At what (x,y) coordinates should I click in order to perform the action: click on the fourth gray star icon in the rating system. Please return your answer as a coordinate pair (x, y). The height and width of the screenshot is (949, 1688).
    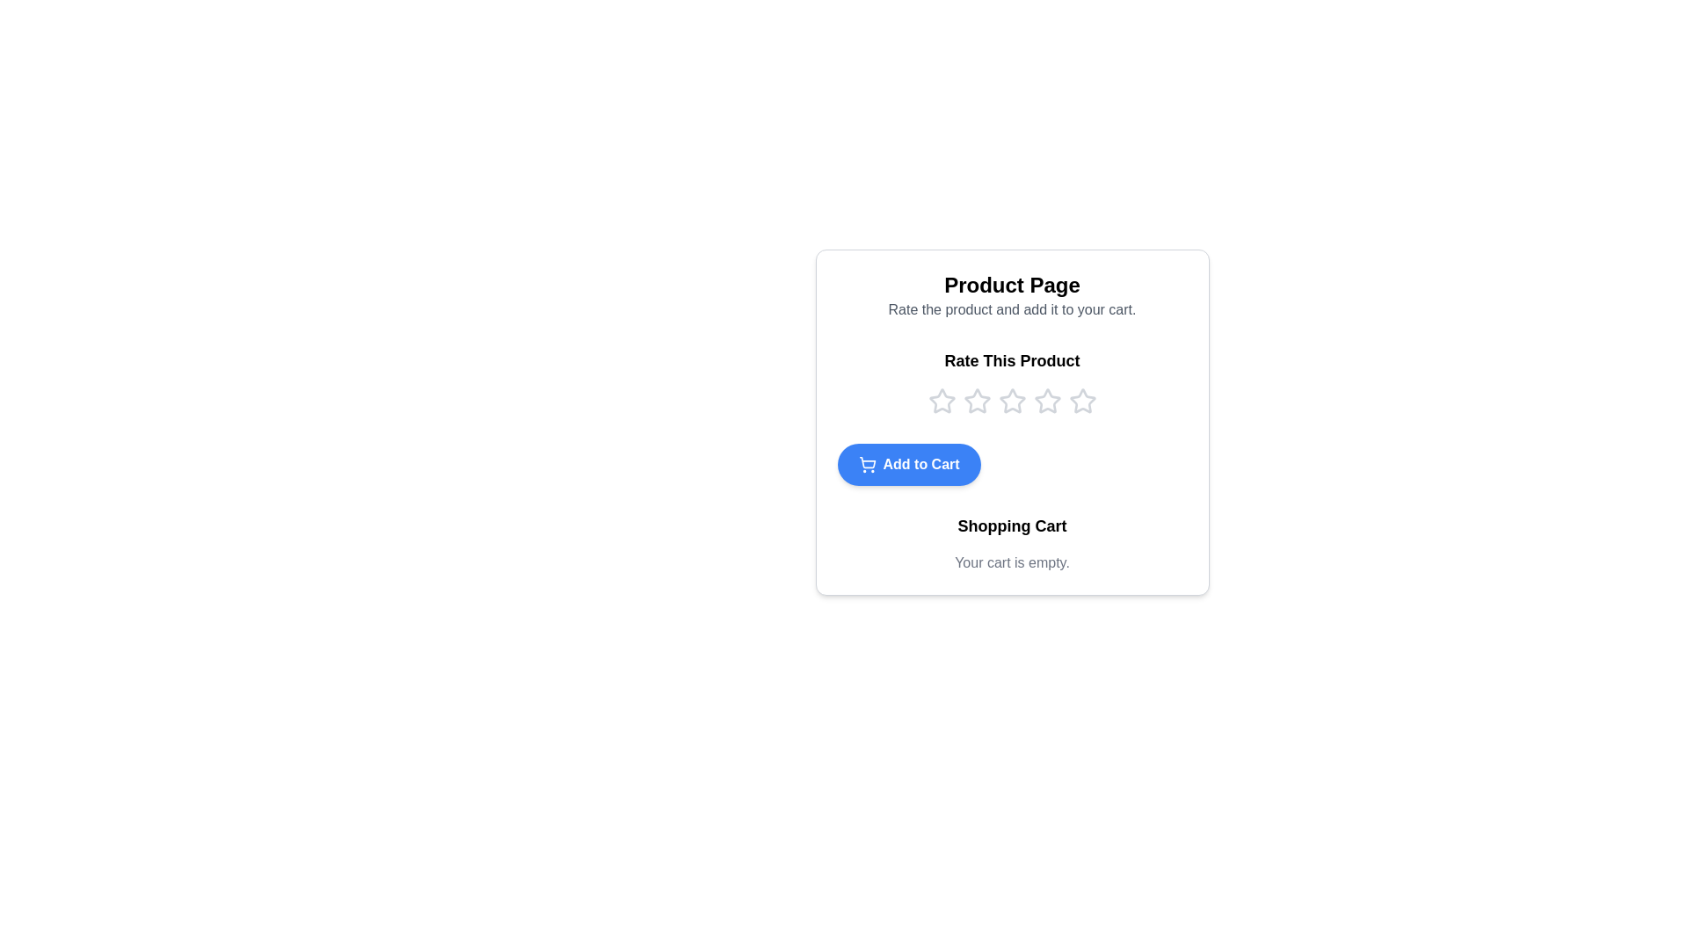
    Looking at the image, I should click on (1012, 401).